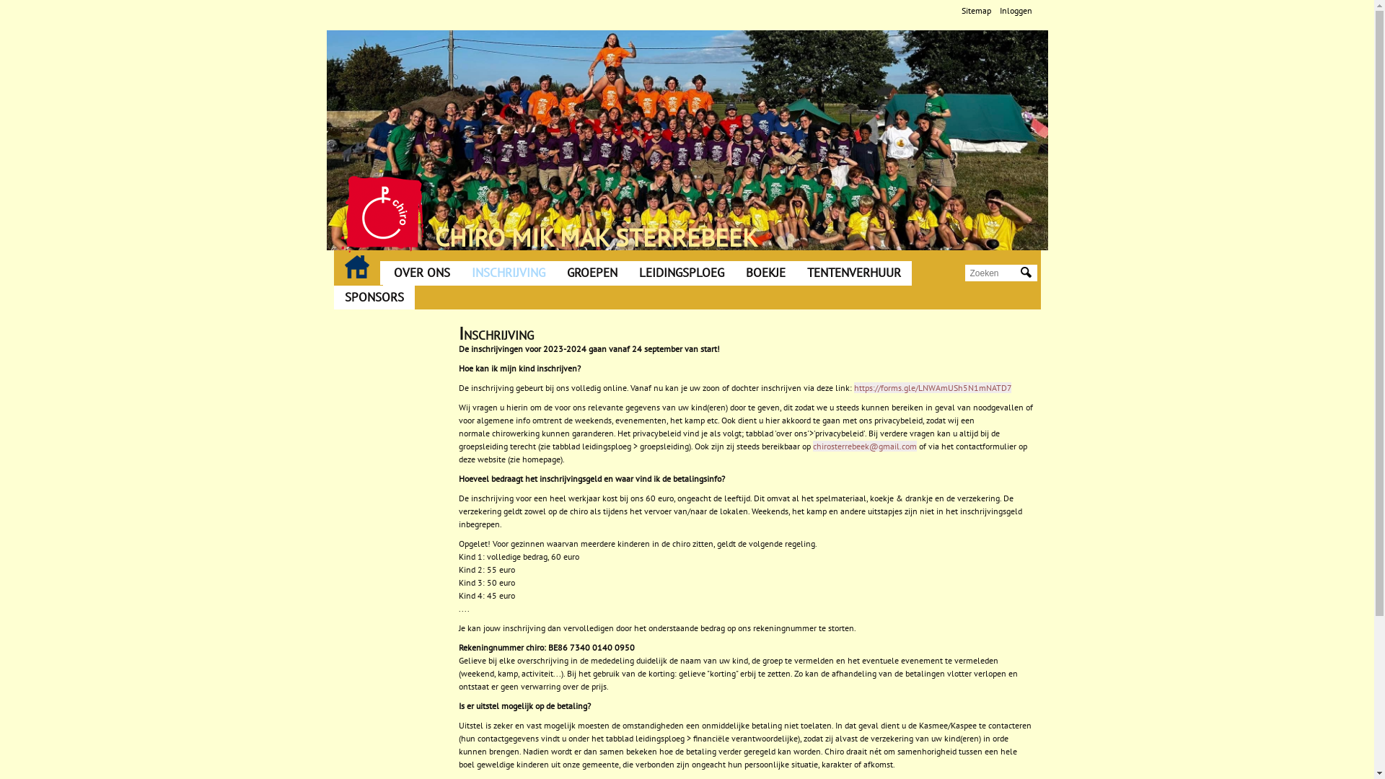 The width and height of the screenshot is (1385, 779). Describe the element at coordinates (975, 10) in the screenshot. I see `'Sitemap'` at that location.